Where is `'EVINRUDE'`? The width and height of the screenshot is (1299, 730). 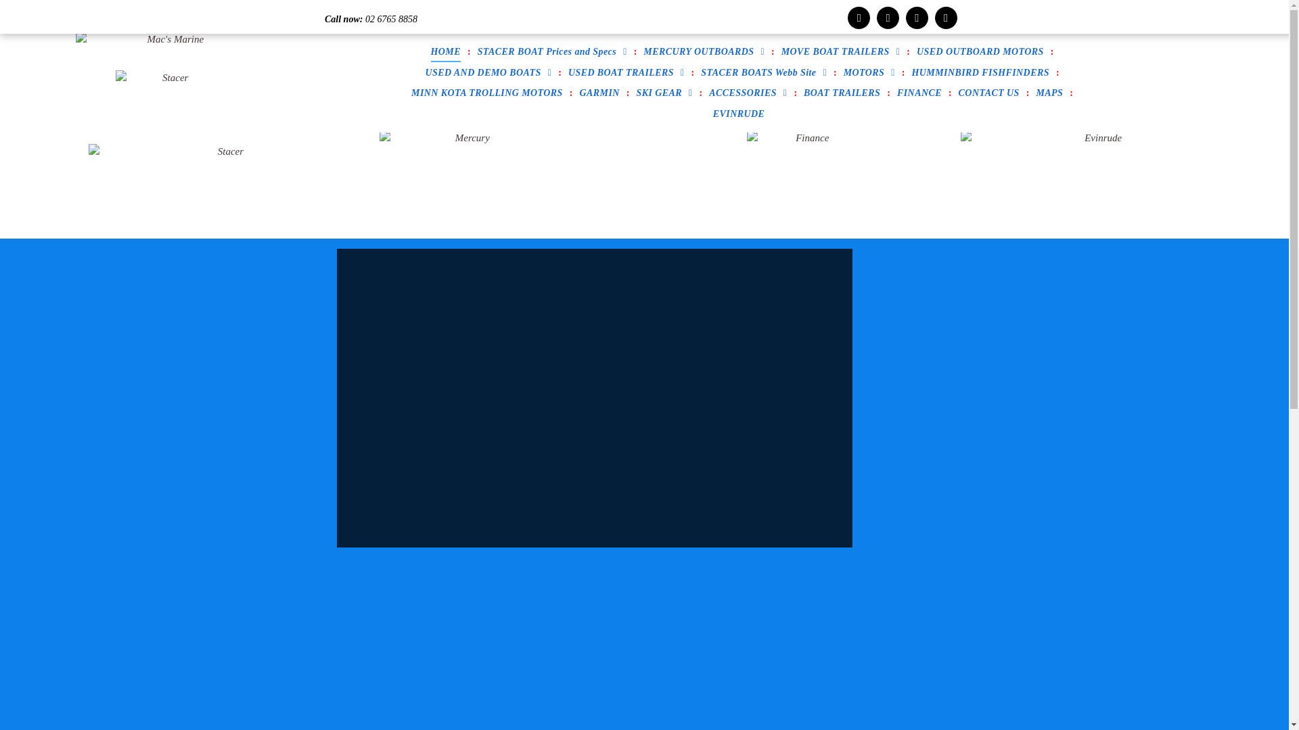
'EVINRUDE' is located at coordinates (738, 113).